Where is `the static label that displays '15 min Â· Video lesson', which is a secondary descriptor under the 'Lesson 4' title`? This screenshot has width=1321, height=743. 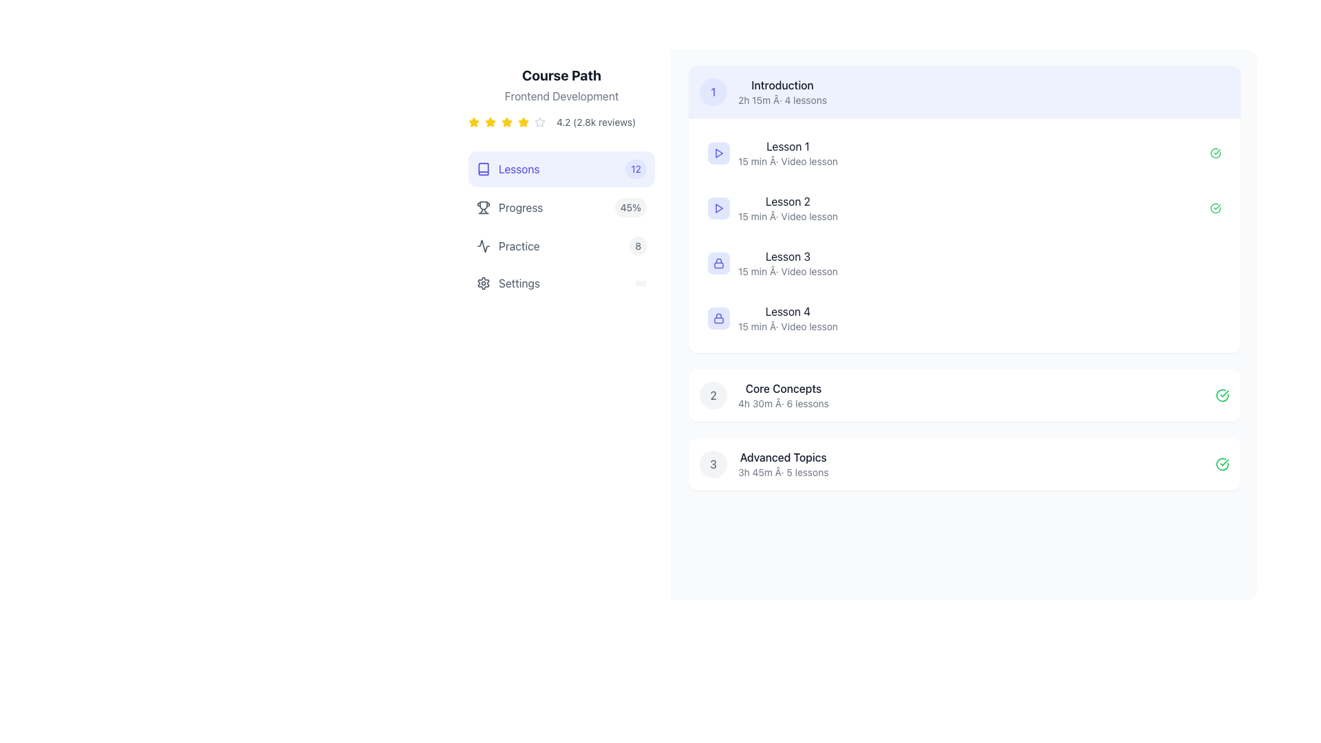 the static label that displays '15 min Â· Video lesson', which is a secondary descriptor under the 'Lesson 4' title is located at coordinates (788, 326).